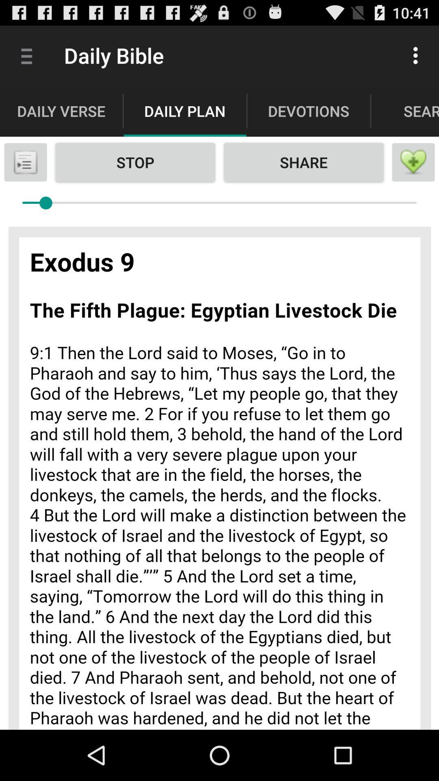  What do you see at coordinates (219, 474) in the screenshot?
I see `colour pinter` at bounding box center [219, 474].